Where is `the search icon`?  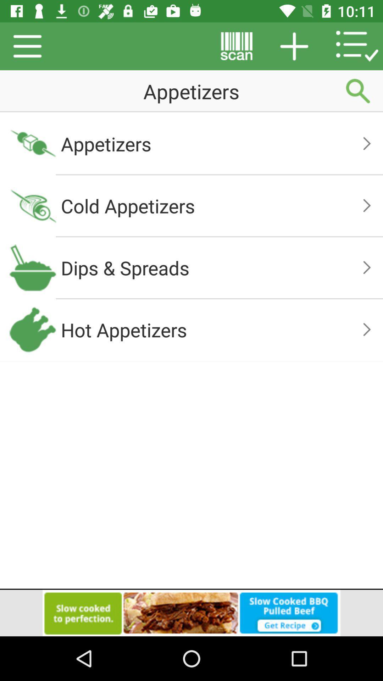 the search icon is located at coordinates (358, 91).